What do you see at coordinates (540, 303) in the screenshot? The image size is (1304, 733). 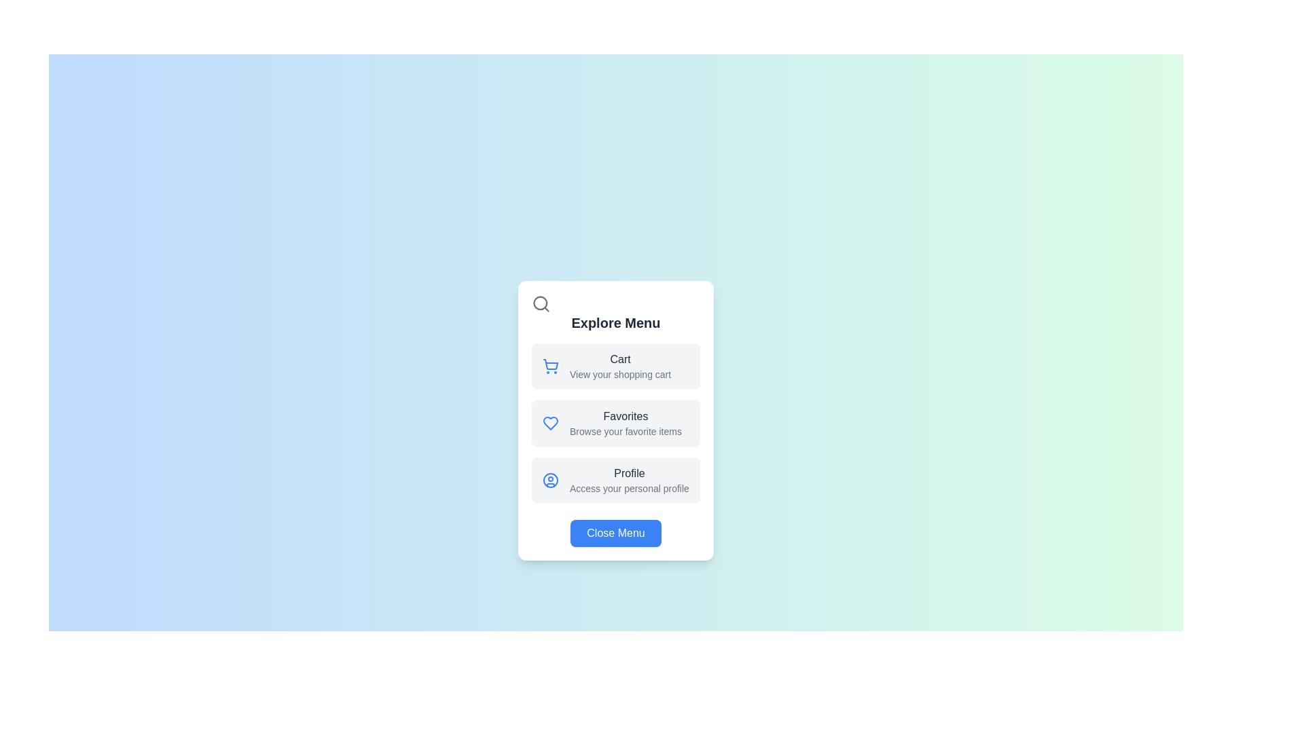 I see `the search icon in the header` at bounding box center [540, 303].